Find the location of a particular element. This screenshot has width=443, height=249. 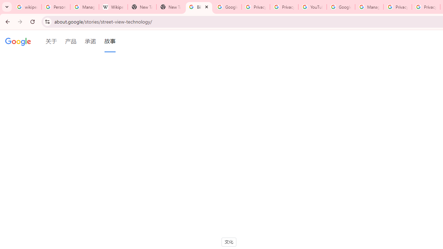

'New Tab' is located at coordinates (170, 7).